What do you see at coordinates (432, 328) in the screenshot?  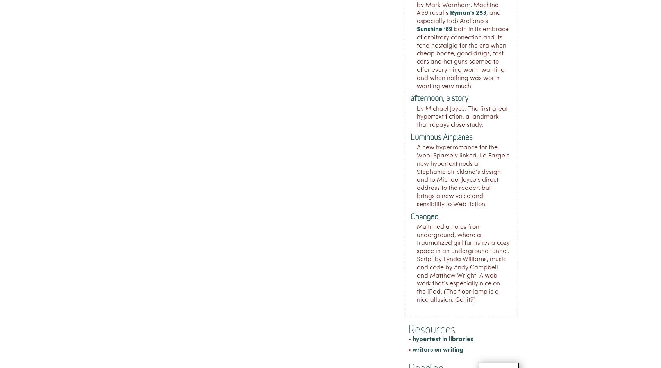 I see `'Resources'` at bounding box center [432, 328].